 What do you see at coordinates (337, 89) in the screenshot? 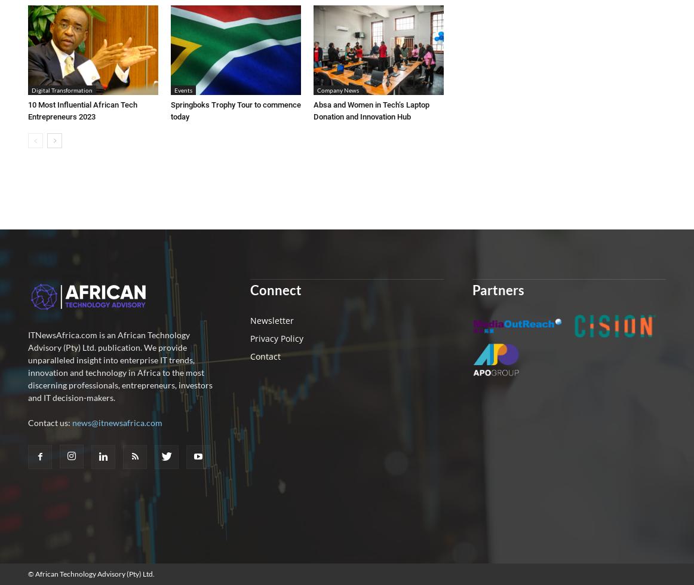
I see `'Company News'` at bounding box center [337, 89].